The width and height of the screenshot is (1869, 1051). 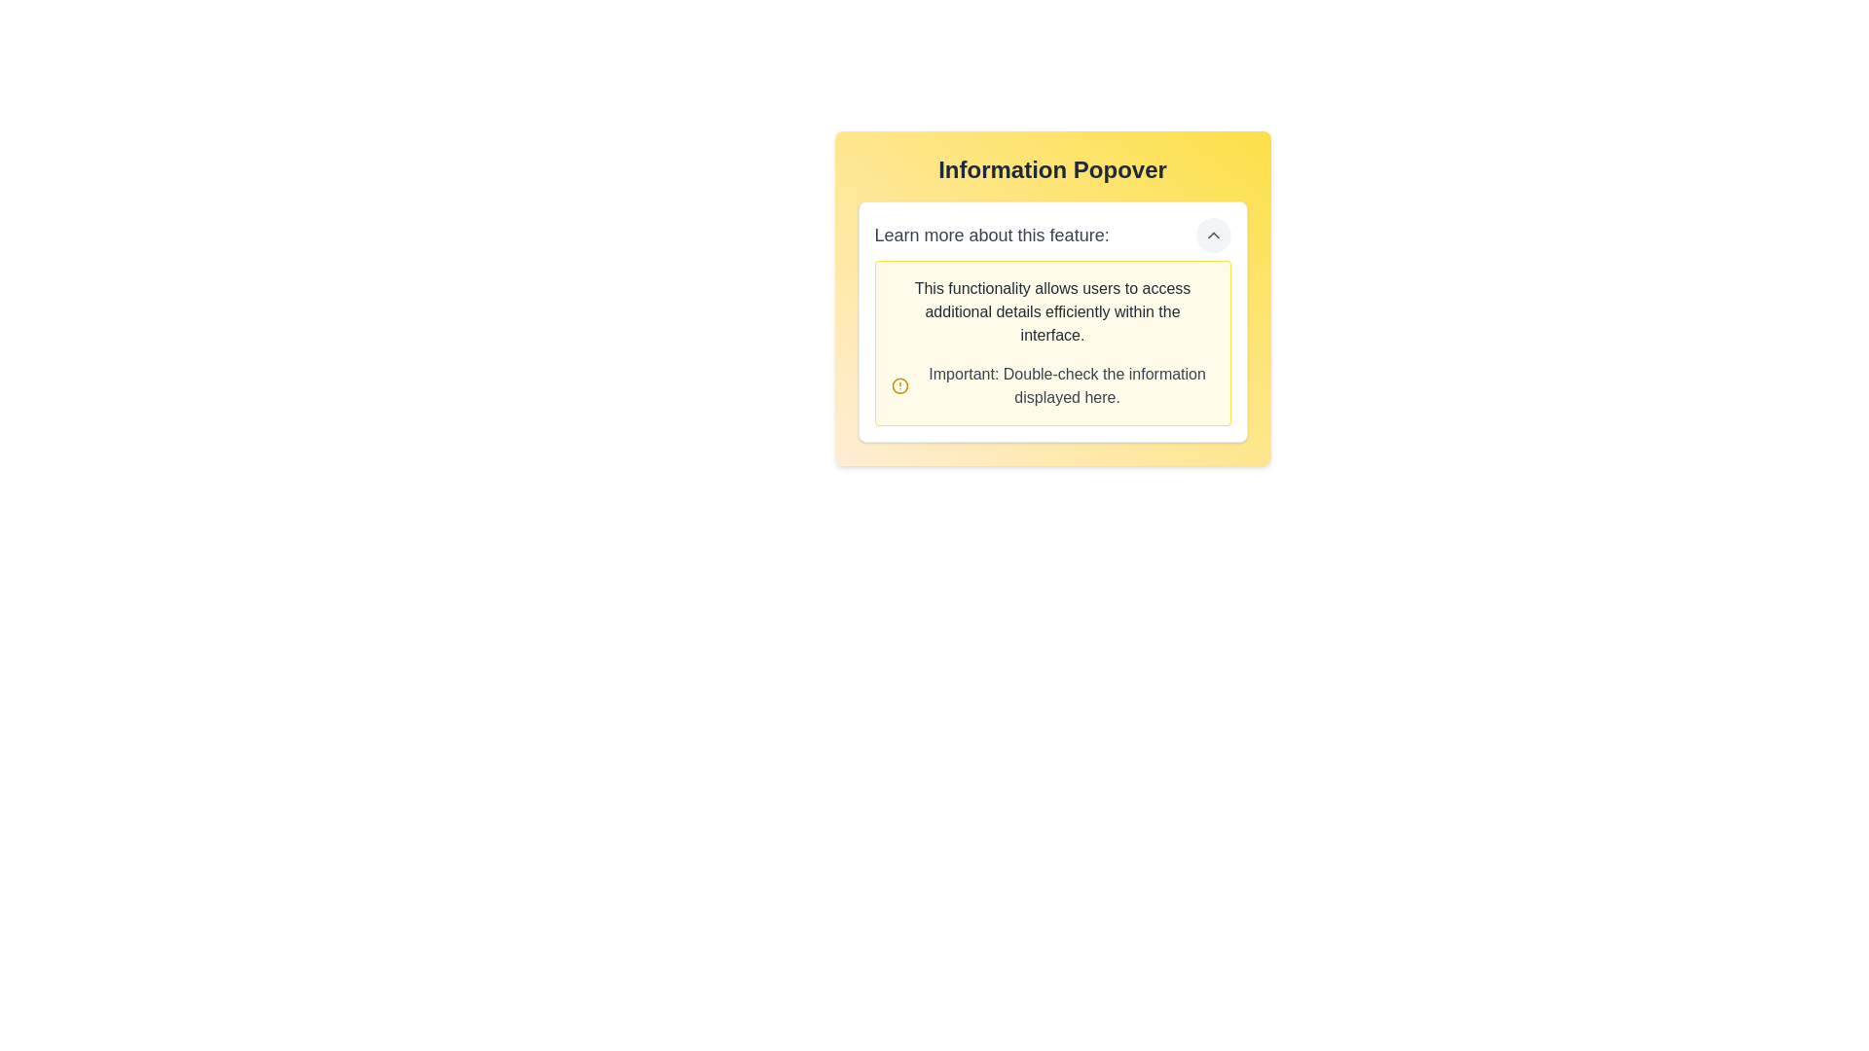 What do you see at coordinates (1051, 235) in the screenshot?
I see `the text heading with an attached interactive icon located at the top of the information popover for potential interactive effects` at bounding box center [1051, 235].